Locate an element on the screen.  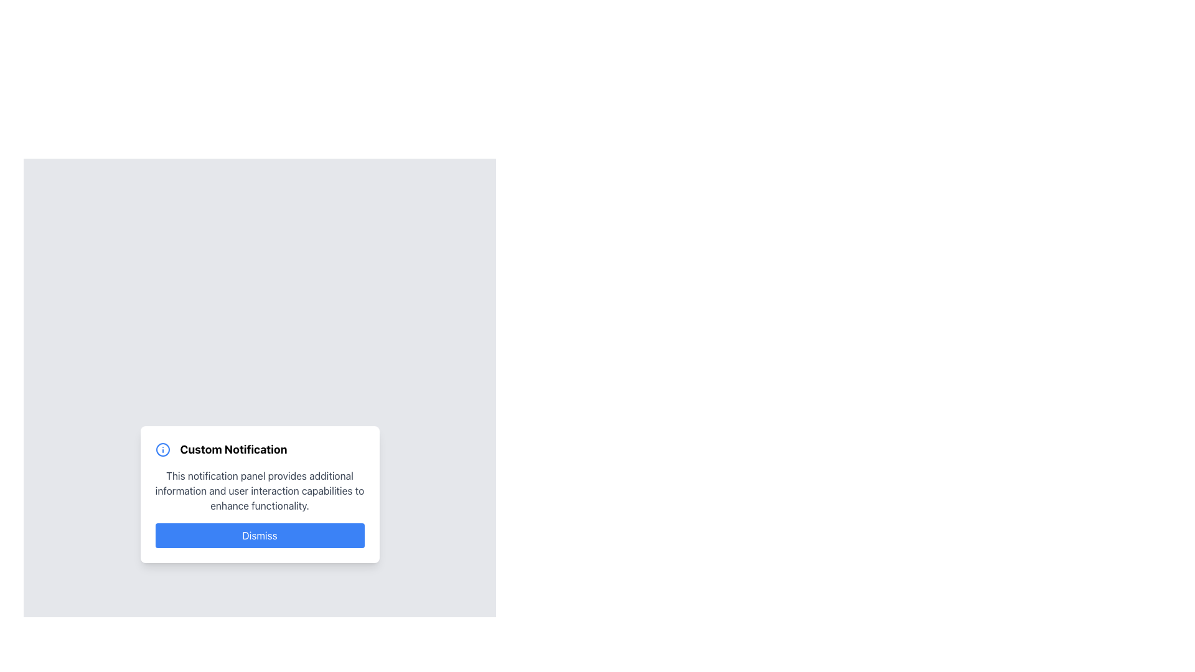
the dismiss button located at the bottom of the white rounded notification panel is located at coordinates (259, 534).